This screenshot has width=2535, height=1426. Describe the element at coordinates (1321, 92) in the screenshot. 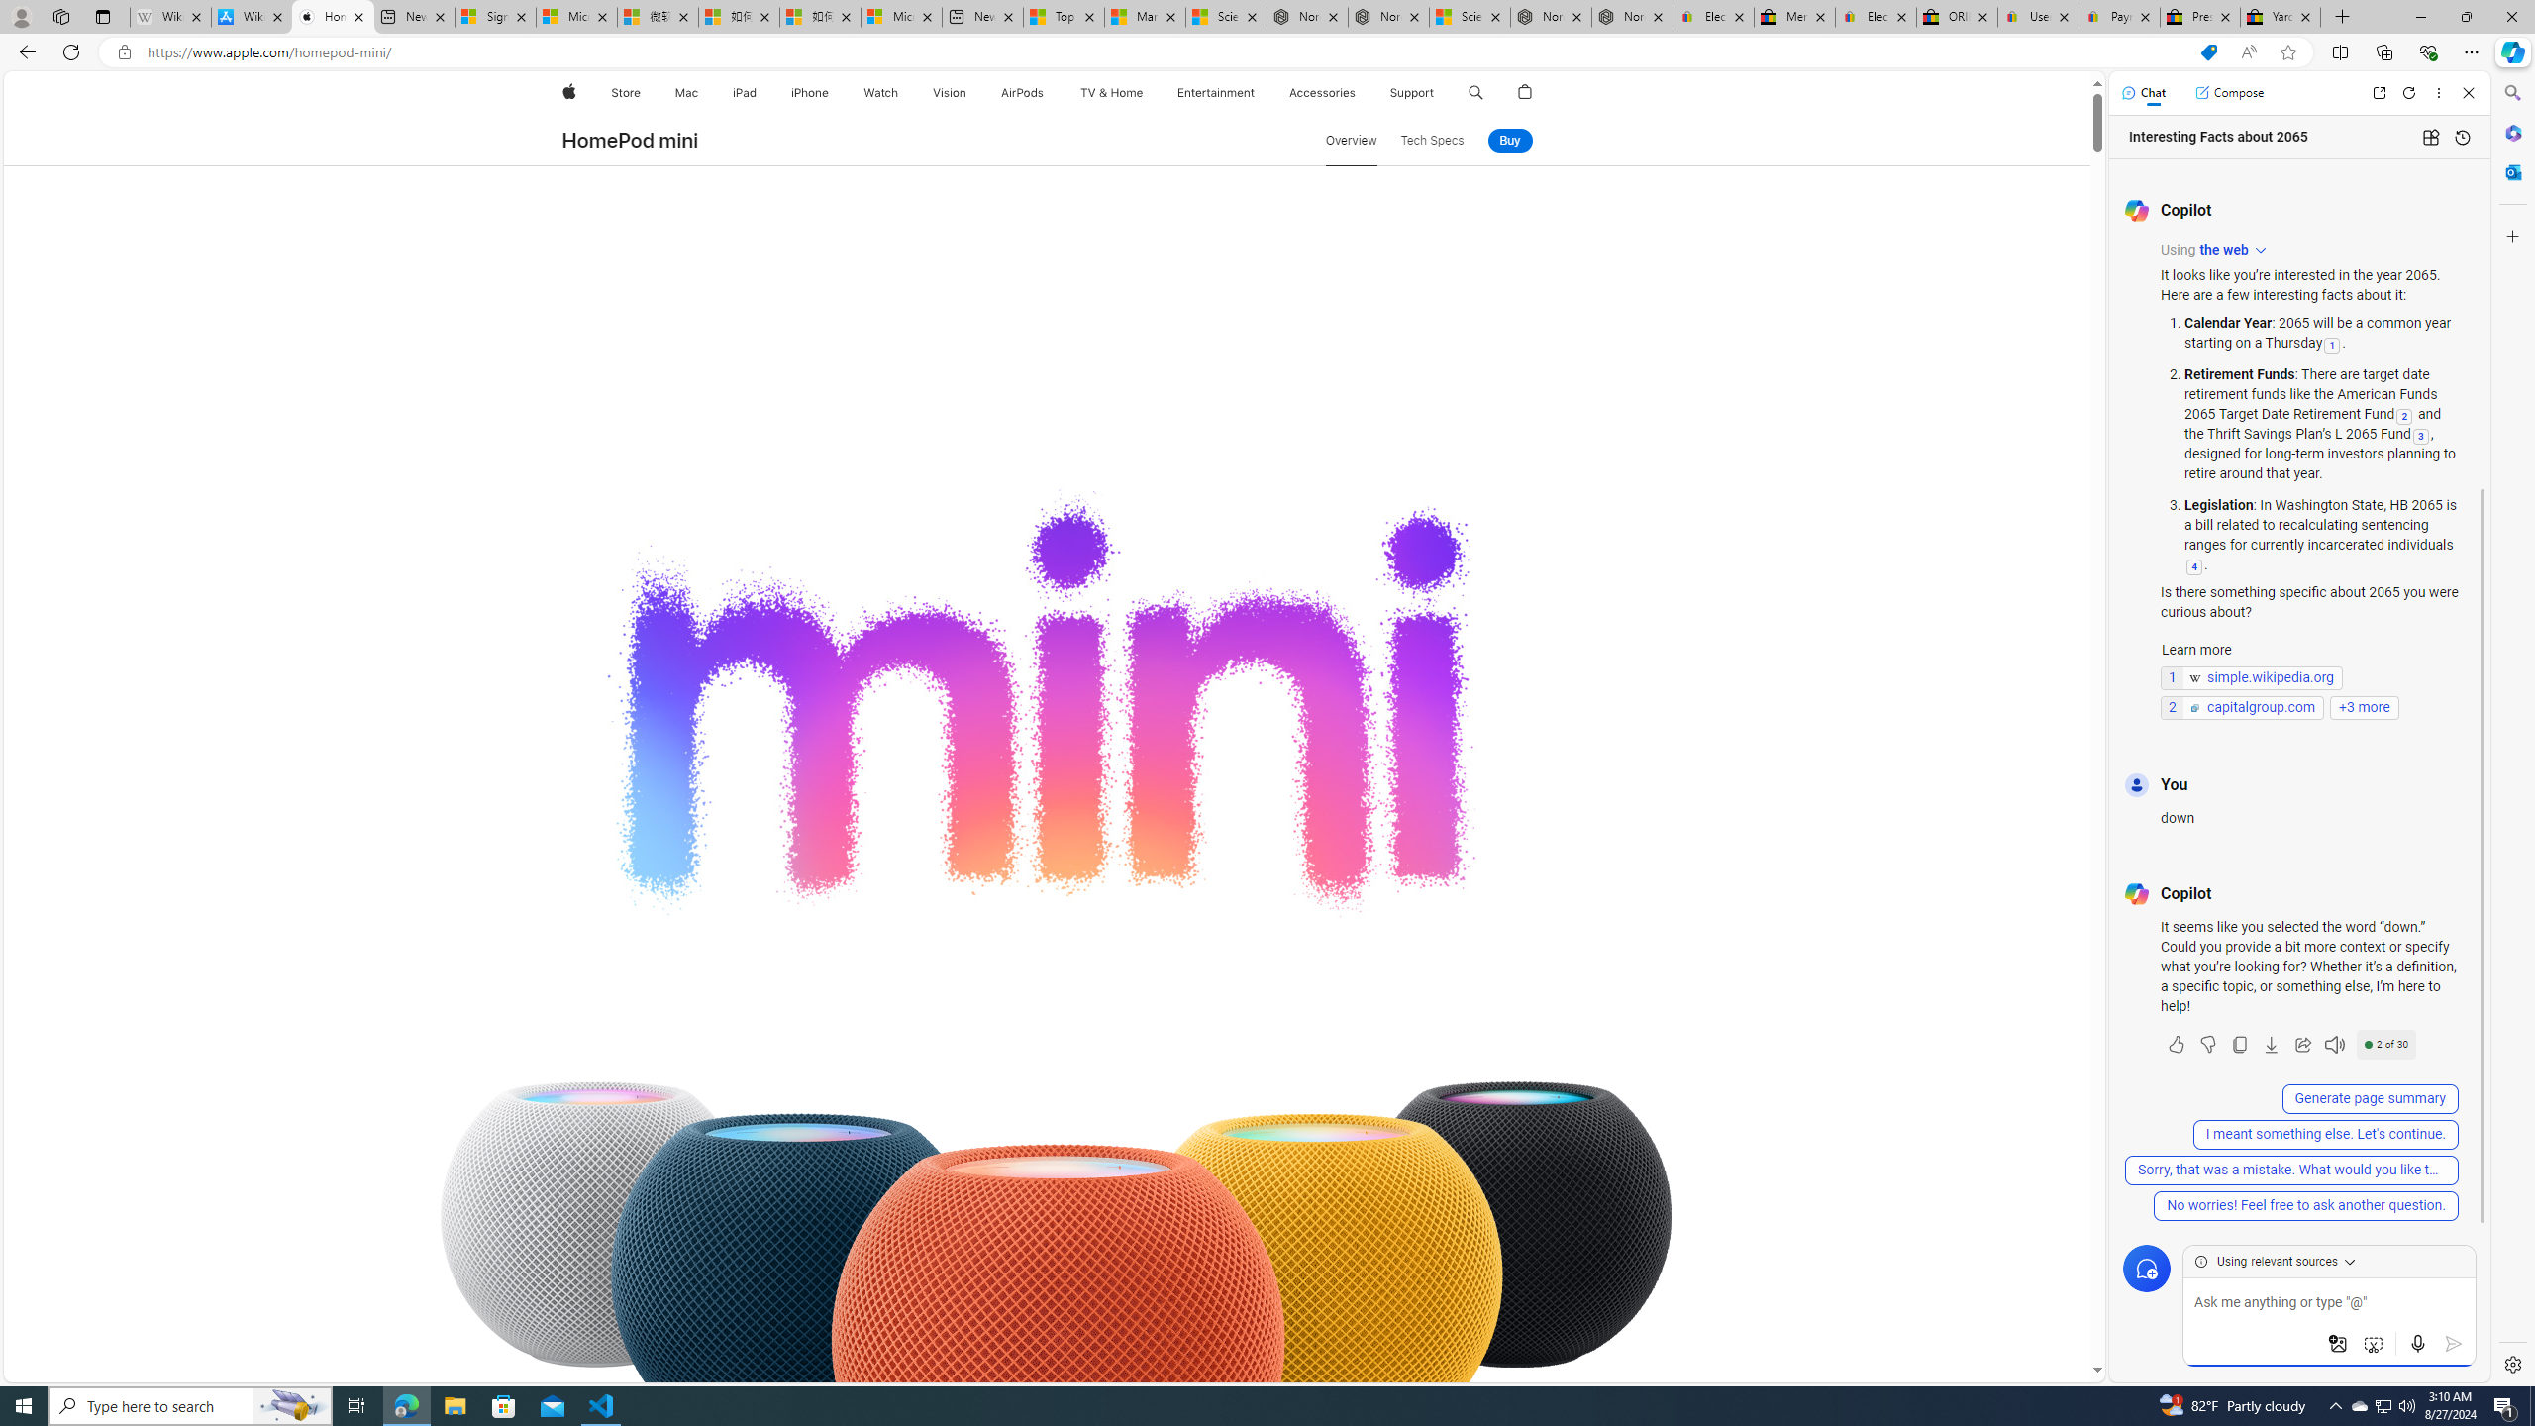

I see `'Accessories'` at that location.